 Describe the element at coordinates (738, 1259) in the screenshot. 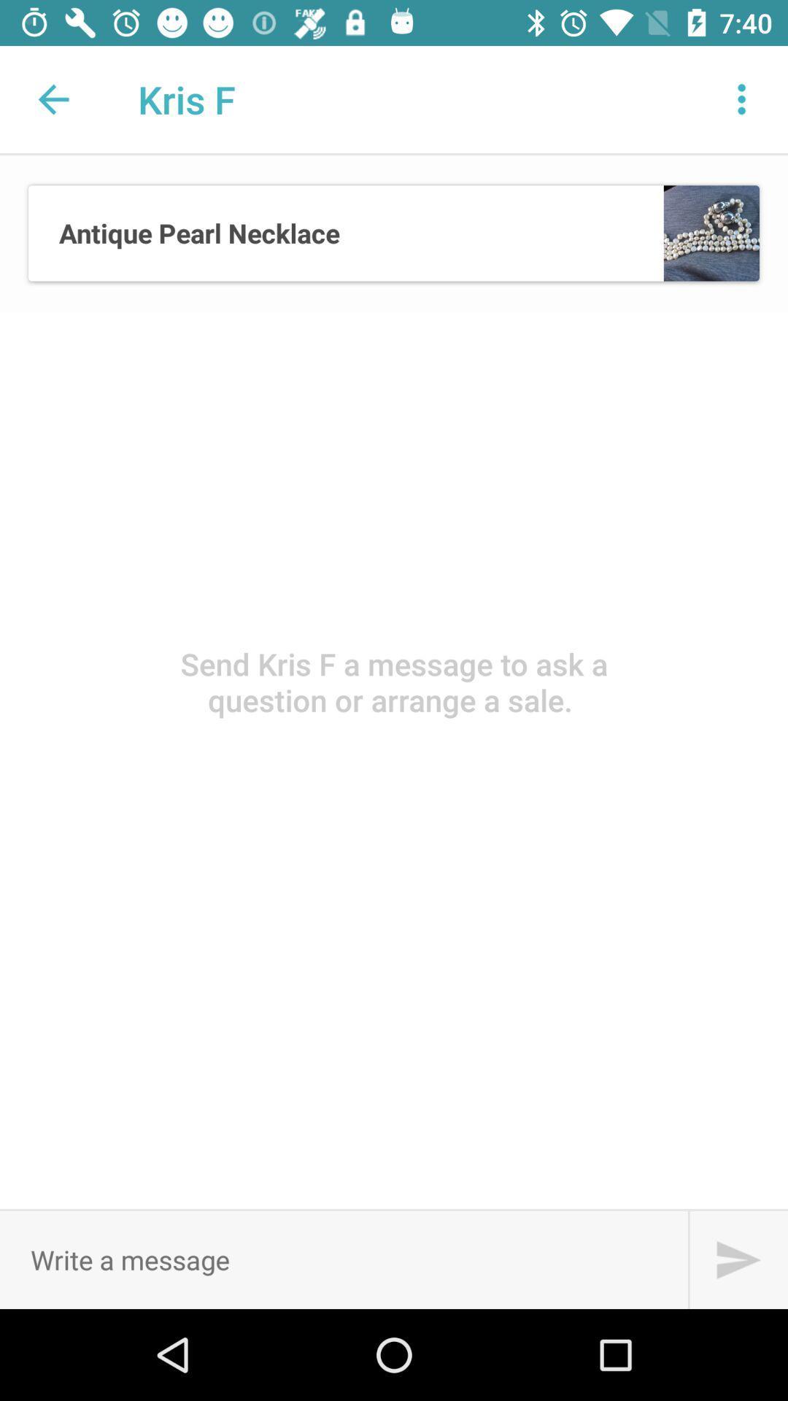

I see `send message` at that location.